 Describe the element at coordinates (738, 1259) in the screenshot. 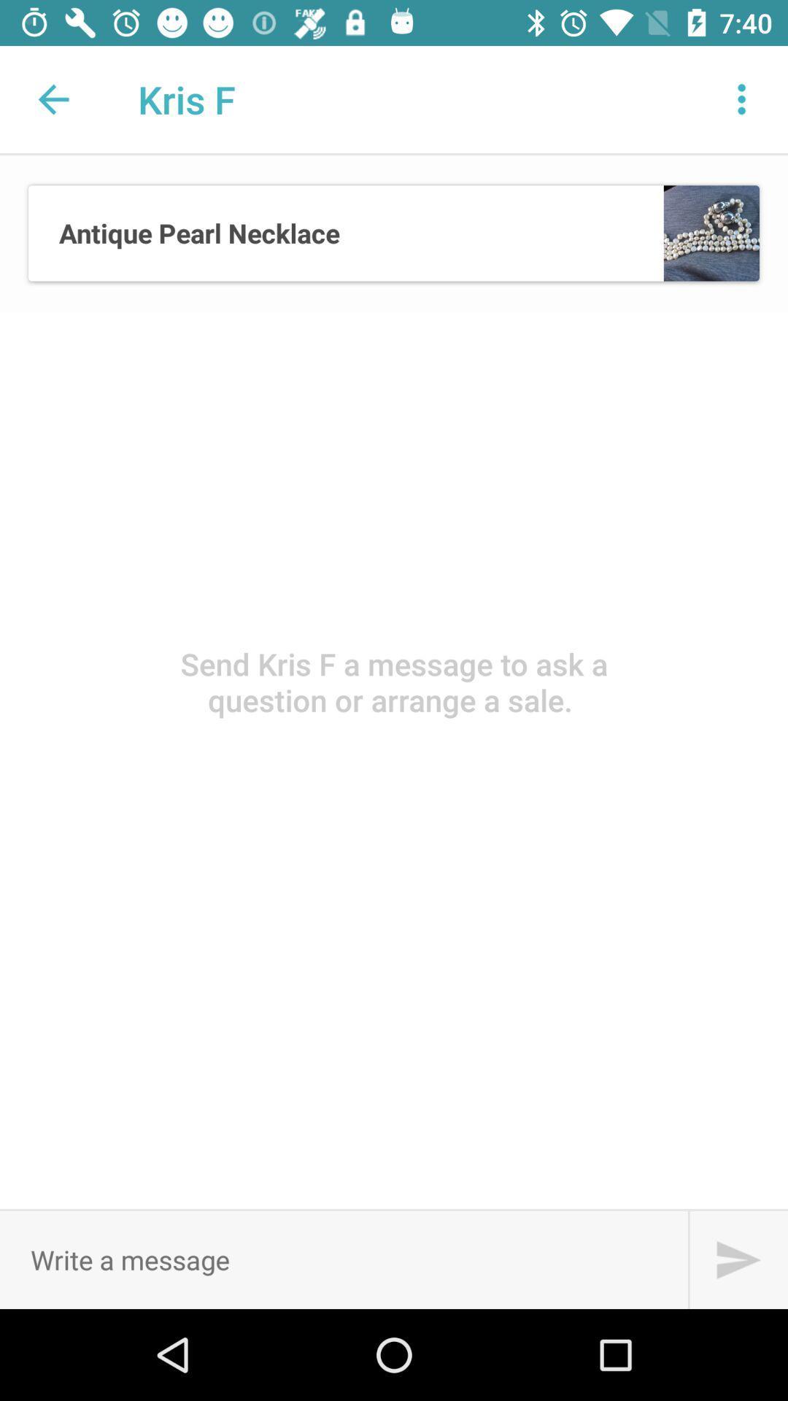

I see `send message` at that location.